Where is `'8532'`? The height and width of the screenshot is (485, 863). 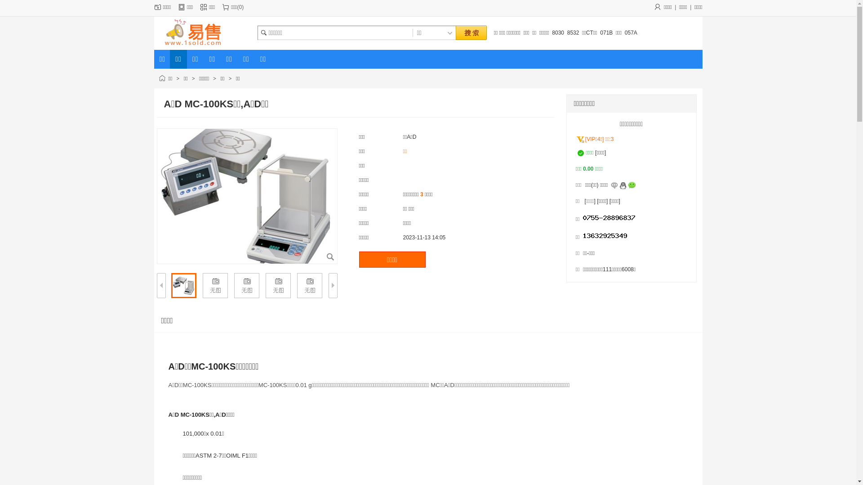
'8532' is located at coordinates (573, 32).